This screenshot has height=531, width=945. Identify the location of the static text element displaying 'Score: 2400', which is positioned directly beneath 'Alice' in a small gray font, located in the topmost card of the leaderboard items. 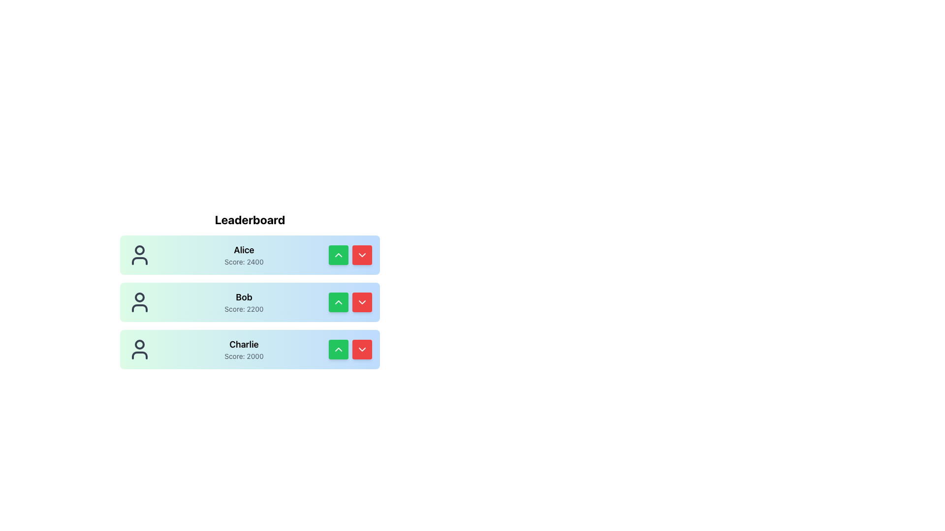
(244, 261).